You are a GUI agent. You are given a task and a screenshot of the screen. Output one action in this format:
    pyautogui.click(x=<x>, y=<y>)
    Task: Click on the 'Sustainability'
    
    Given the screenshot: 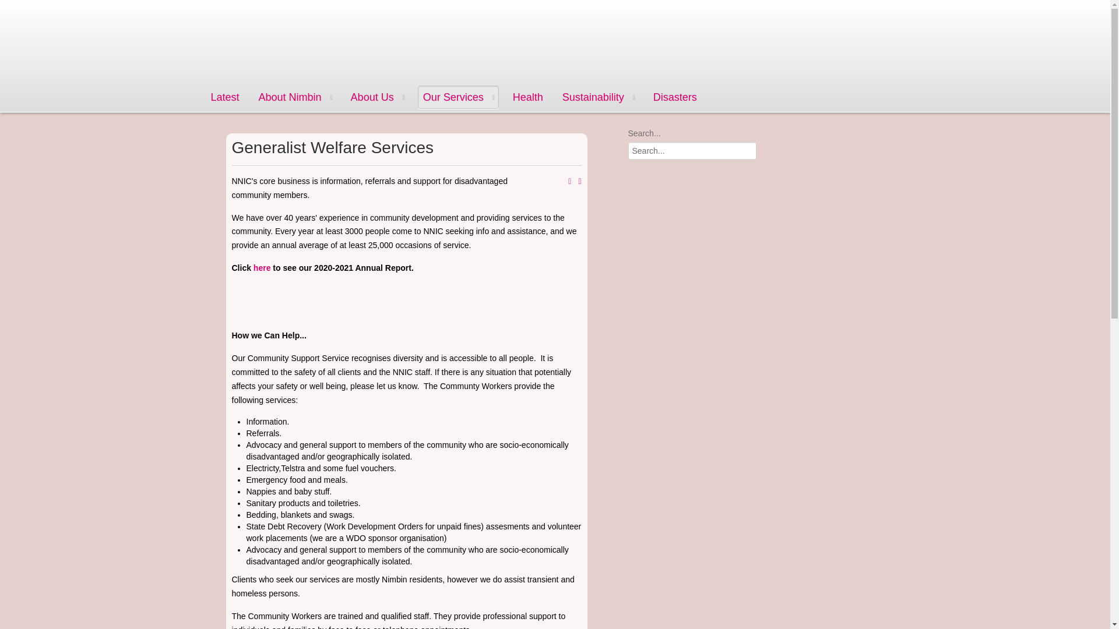 What is the action you would take?
    pyautogui.click(x=598, y=96)
    